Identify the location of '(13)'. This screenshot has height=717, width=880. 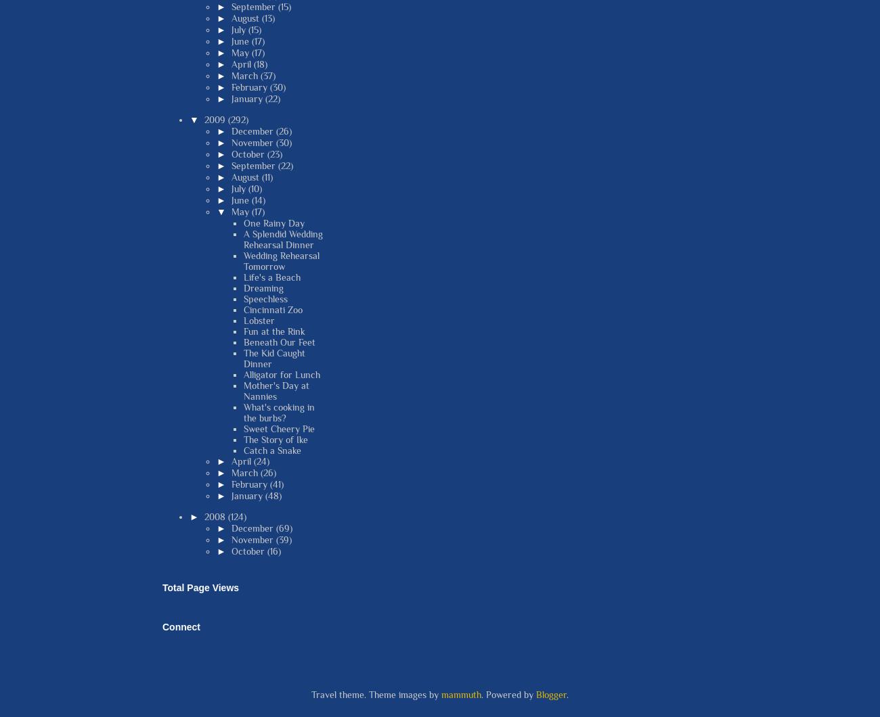
(261, 17).